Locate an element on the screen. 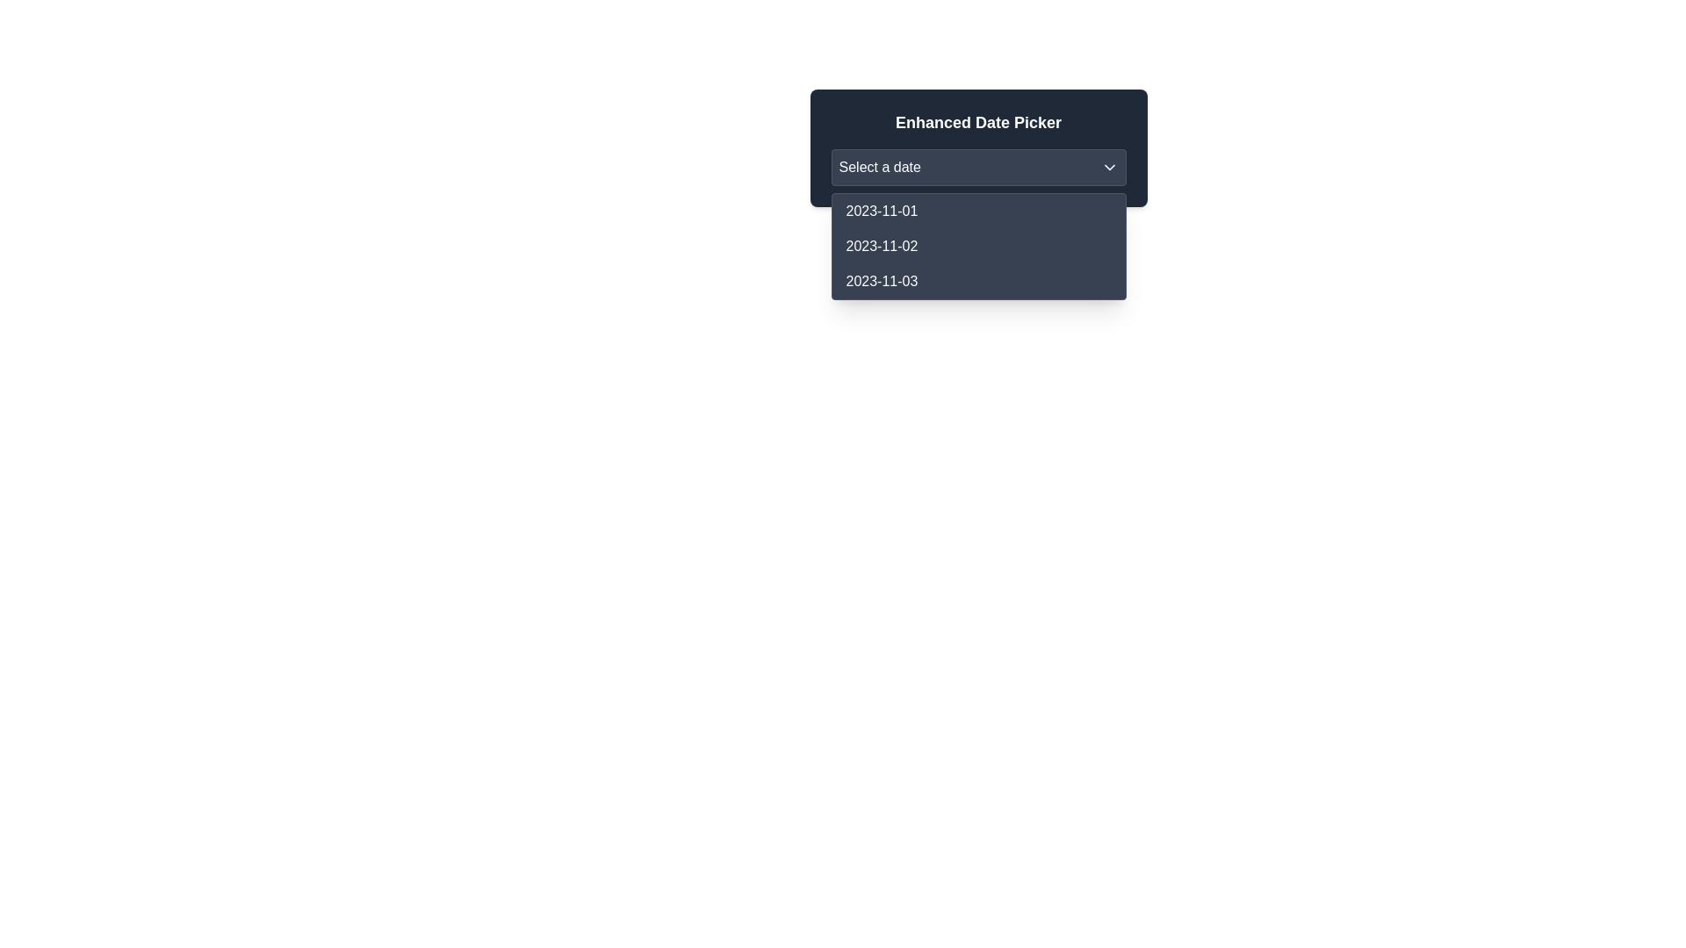 The height and width of the screenshot is (948, 1686). the third option in the dropdown menu labeled '2023-11-03' is located at coordinates (977, 280).